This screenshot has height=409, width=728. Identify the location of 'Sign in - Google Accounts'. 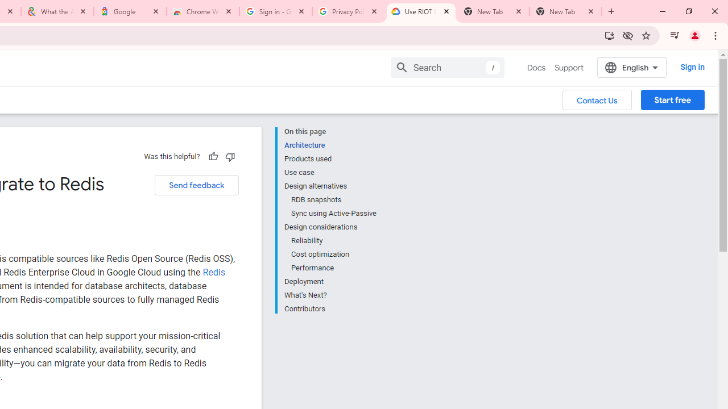
(276, 11).